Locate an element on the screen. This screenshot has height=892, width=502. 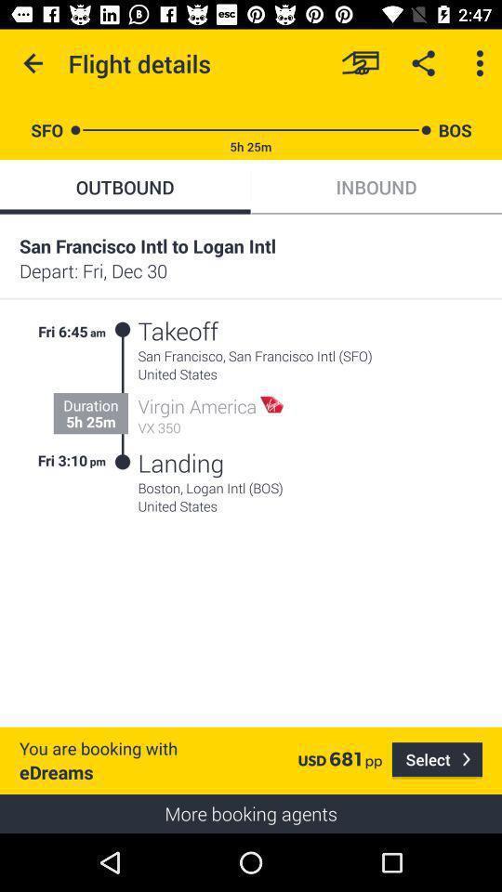
the item next to the flight details is located at coordinates (360, 63).